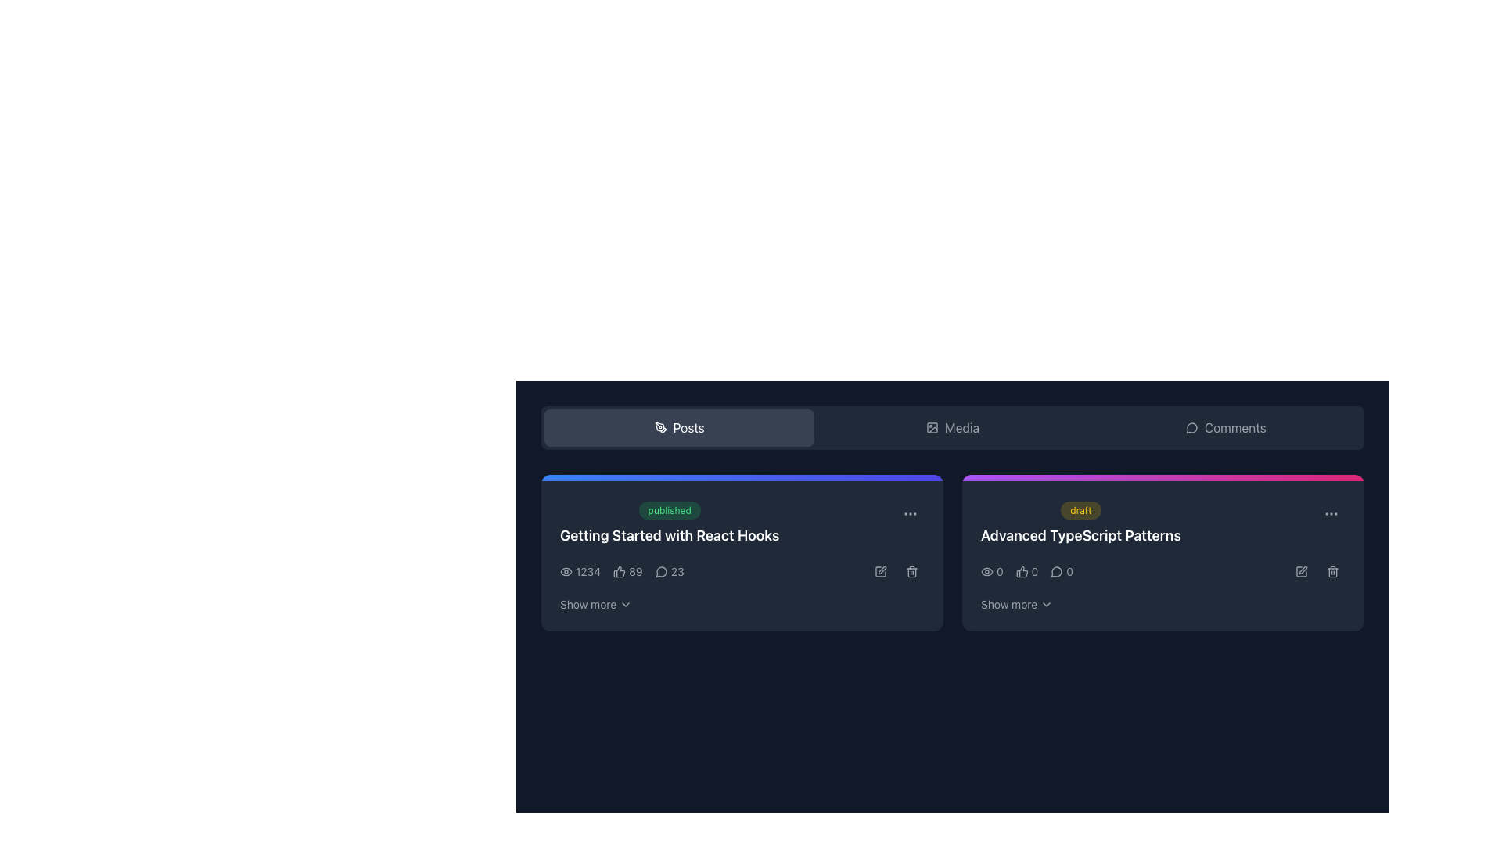  I want to click on the middle navigation button that redirects to media content, so click(952, 428).